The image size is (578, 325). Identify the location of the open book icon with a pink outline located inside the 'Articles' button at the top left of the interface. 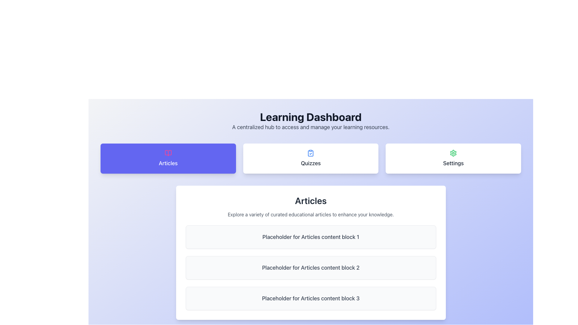
(168, 153).